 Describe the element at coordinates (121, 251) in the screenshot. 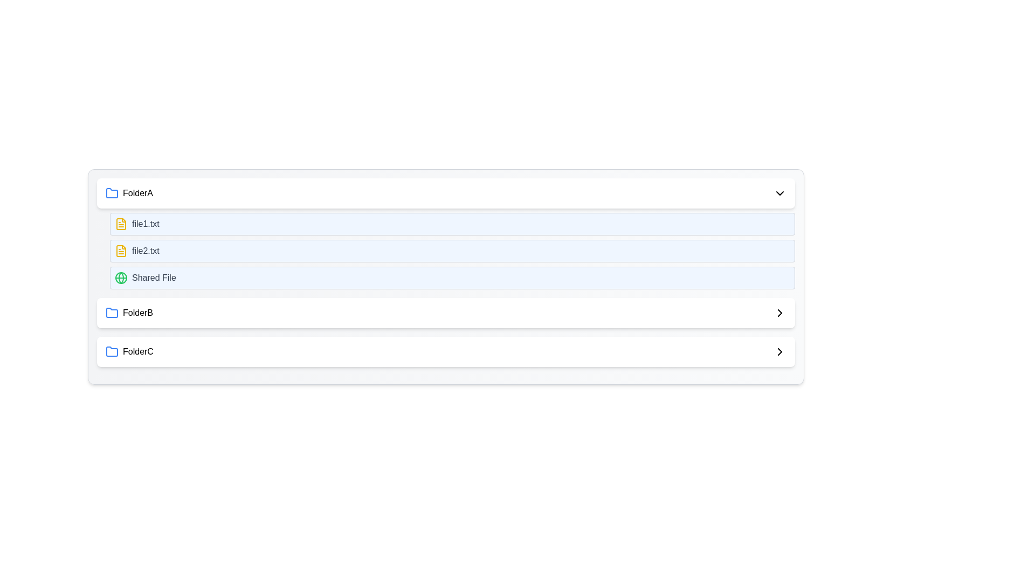

I see `the yellow file icon located to the left of the label 'file2.txt'` at that location.